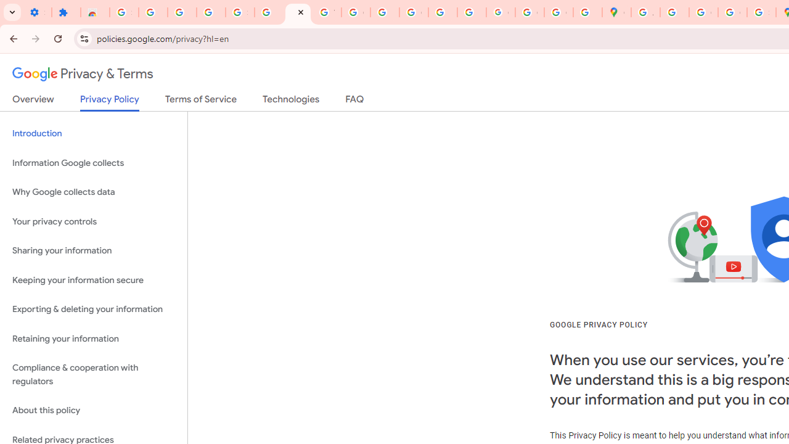 The height and width of the screenshot is (444, 789). I want to click on 'About this policy', so click(93, 411).